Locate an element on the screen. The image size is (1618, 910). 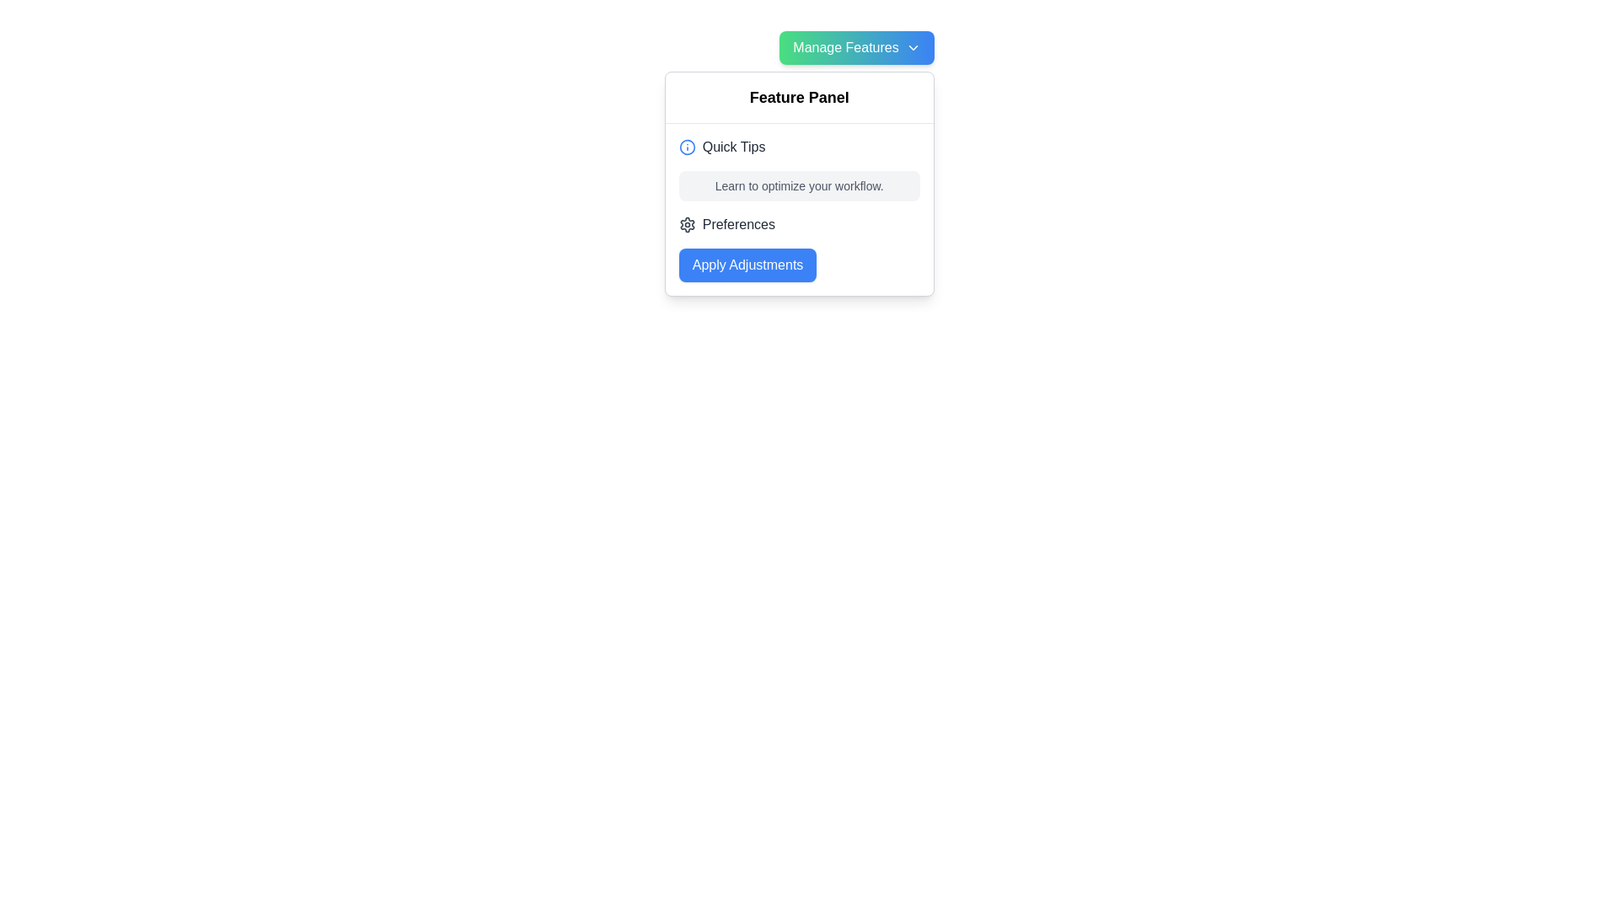
the gear-like icon located in the upper section of the 'Preferences' row within the feature panel, which is styled with a neutral gray tone is located at coordinates (687, 223).